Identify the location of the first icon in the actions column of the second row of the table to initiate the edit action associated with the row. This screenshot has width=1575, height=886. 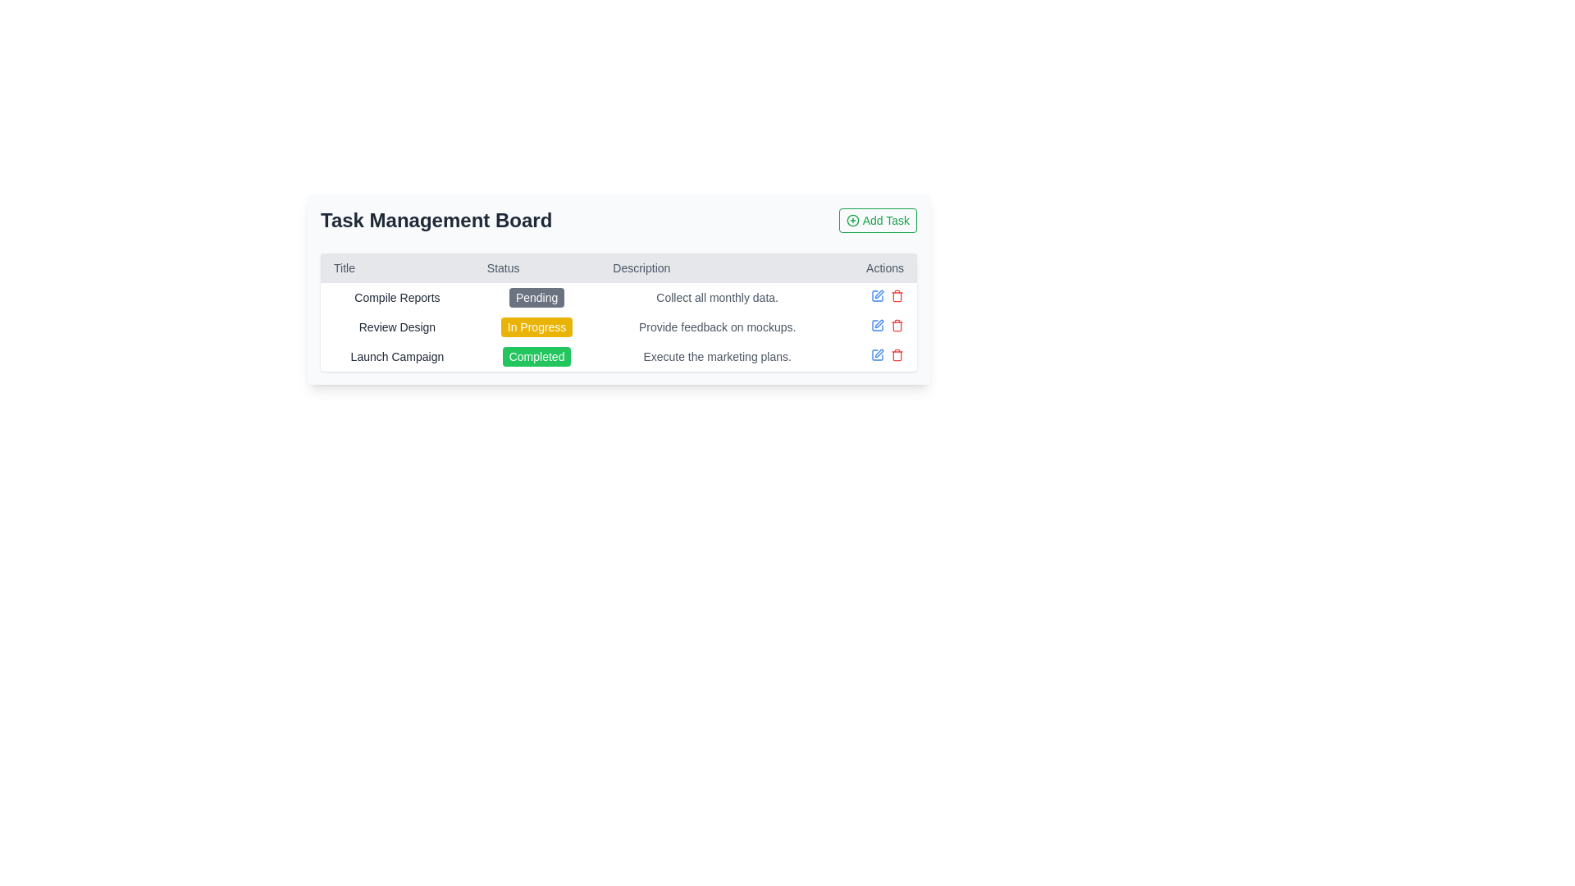
(875, 326).